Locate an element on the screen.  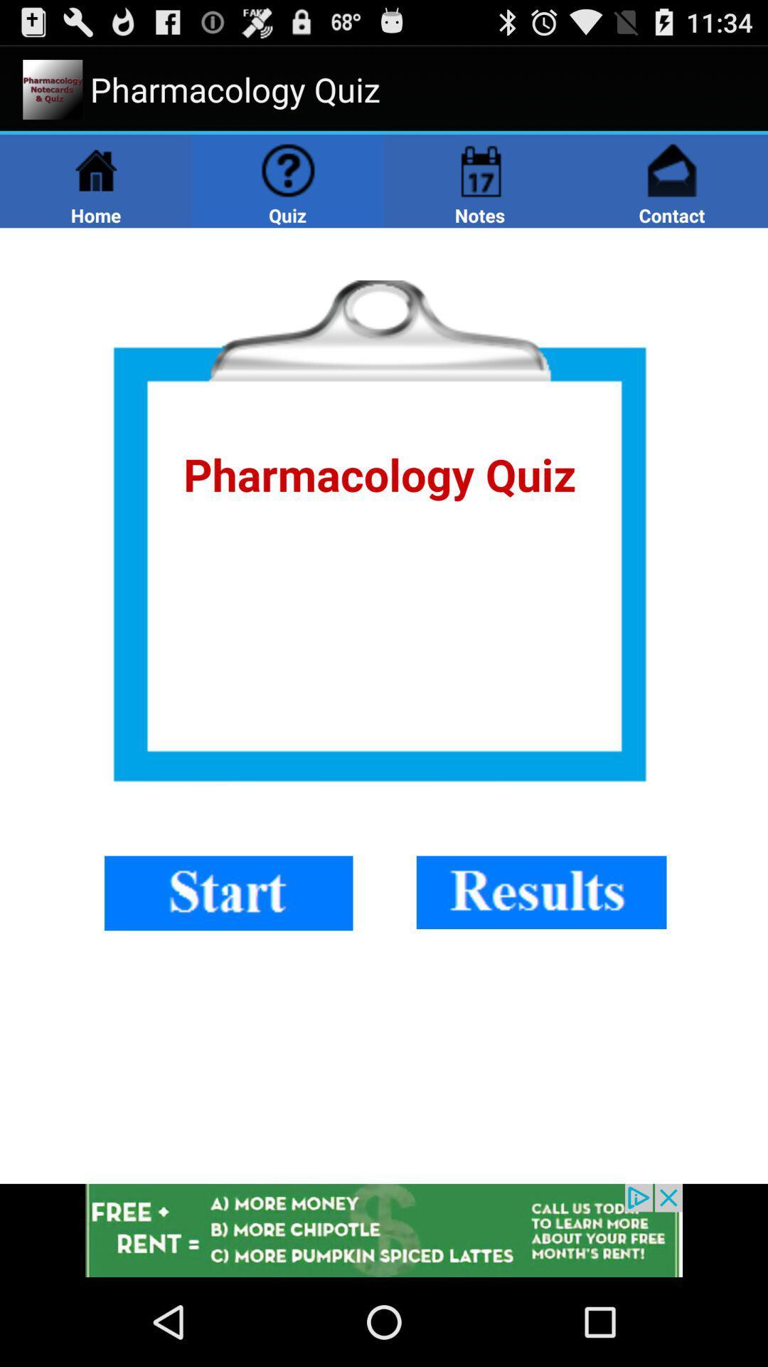
open advertisement is located at coordinates (384, 1230).